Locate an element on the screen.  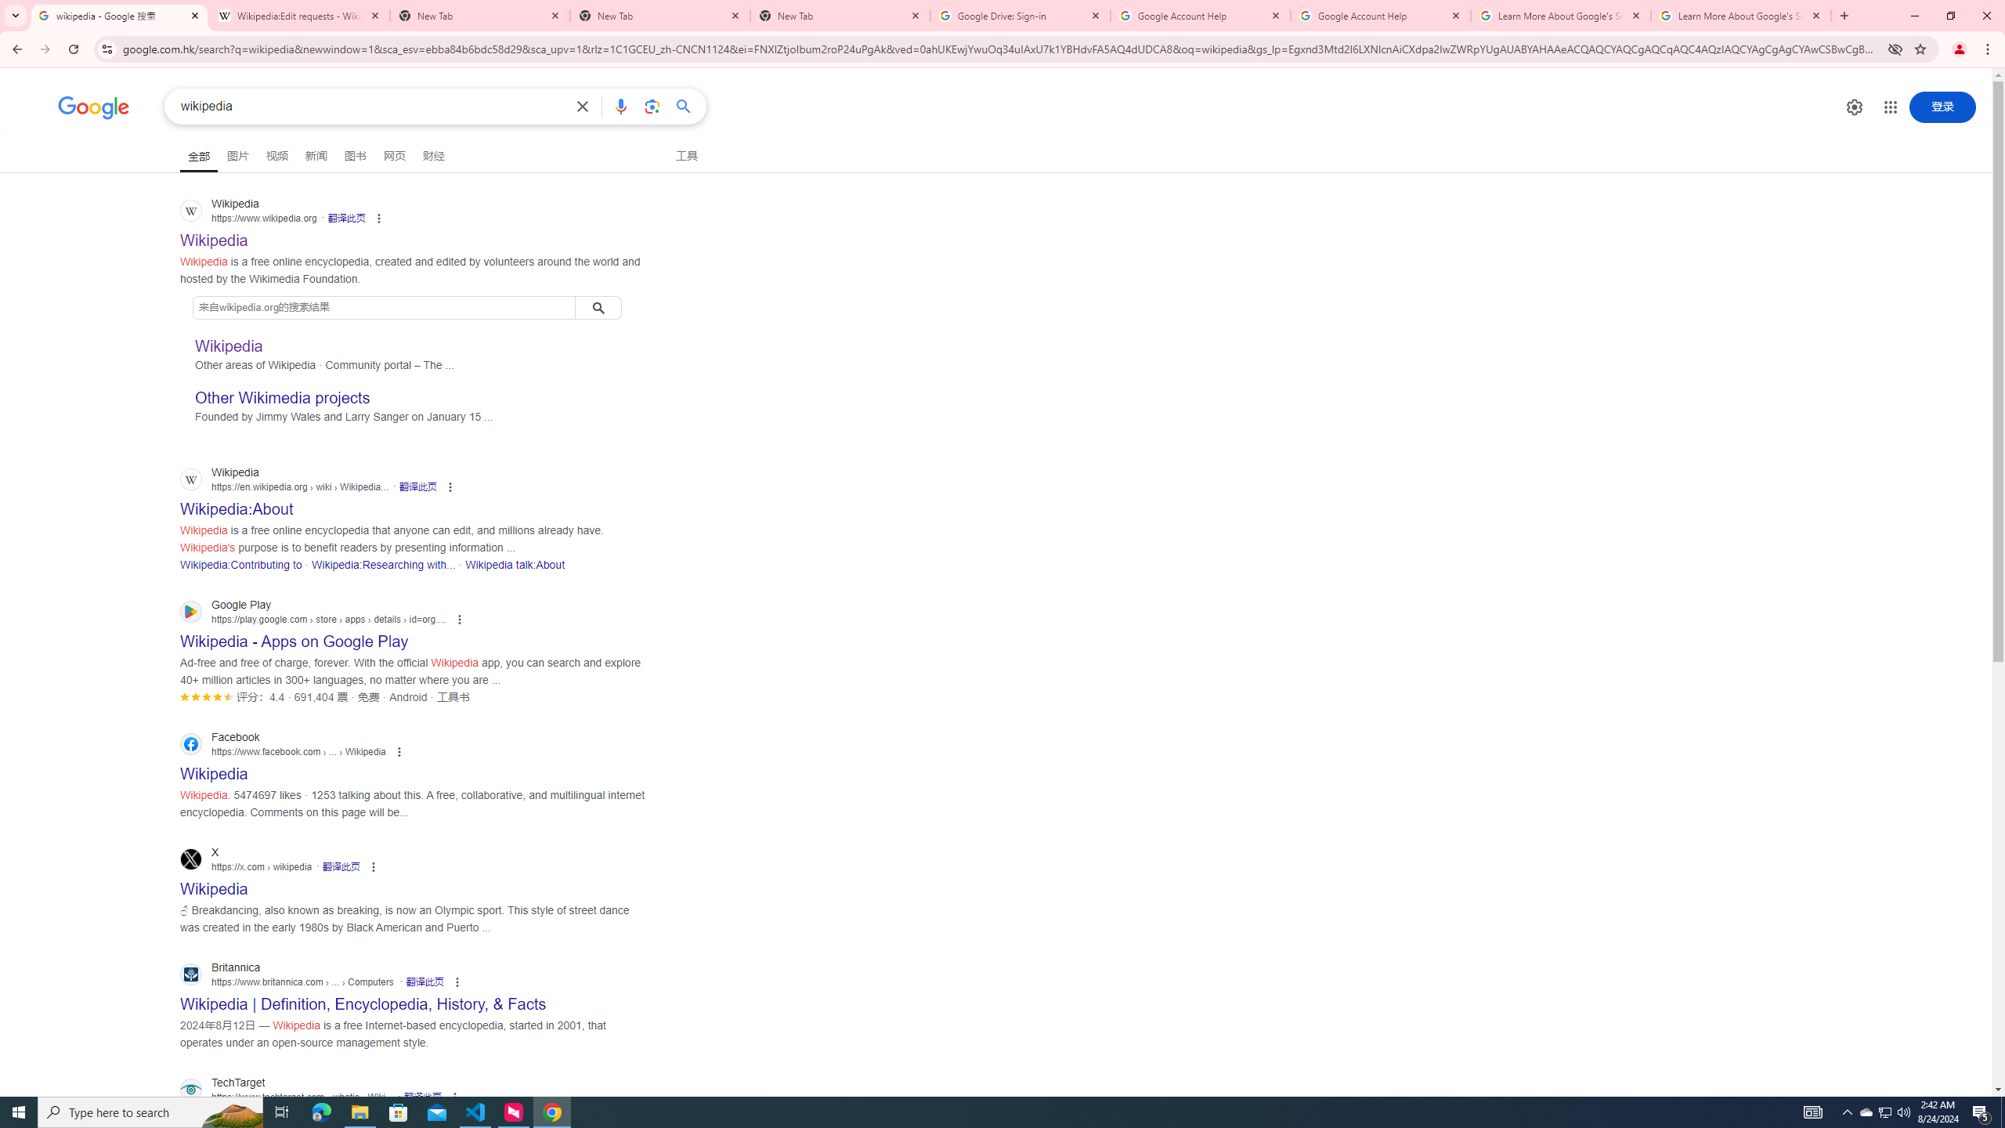
'Search tabs' is located at coordinates (15, 15).